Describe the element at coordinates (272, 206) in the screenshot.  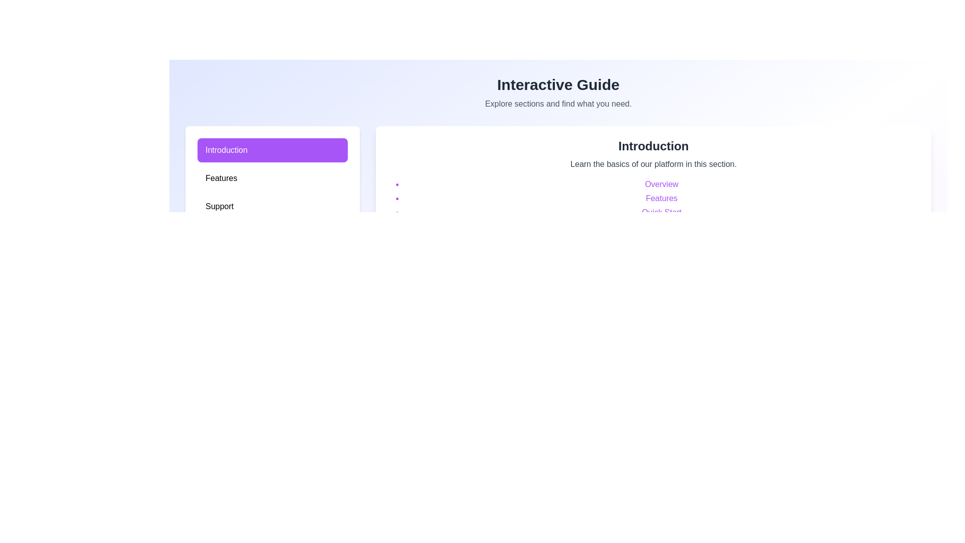
I see `the third button in the vertical stack, located below the 'Features' button` at that location.